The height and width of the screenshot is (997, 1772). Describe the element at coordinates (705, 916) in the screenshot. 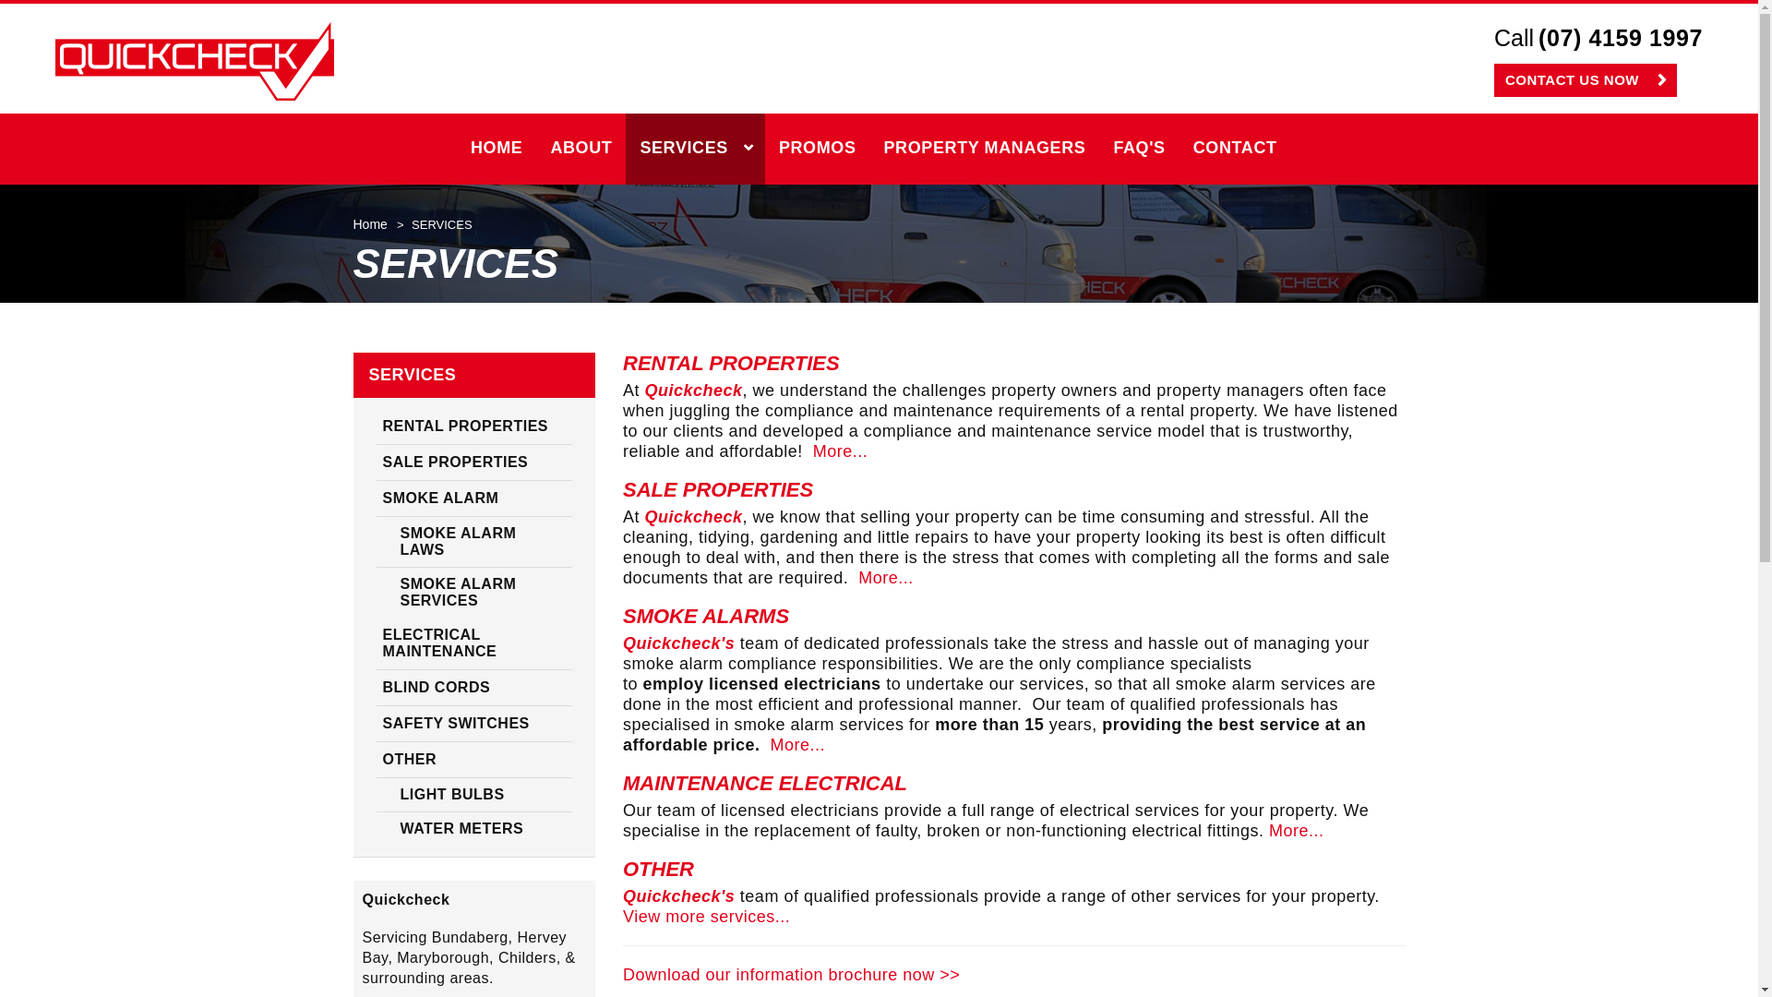

I see `'View more services...'` at that location.